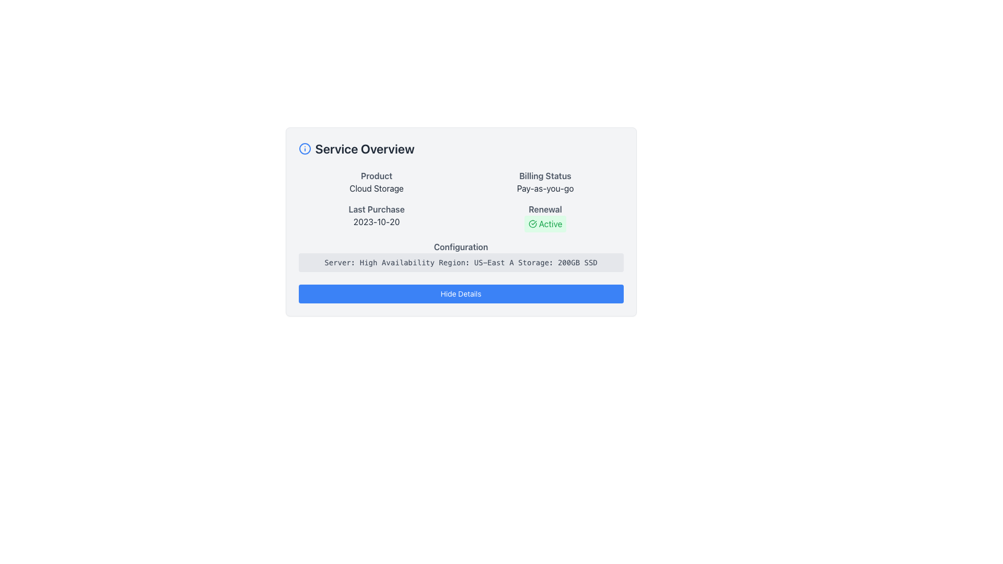 Image resolution: width=1003 pixels, height=564 pixels. What do you see at coordinates (376, 175) in the screenshot?
I see `the text label indicating 'Cloud Storage', which serves as a category title in the 'Service Overview' card` at bounding box center [376, 175].